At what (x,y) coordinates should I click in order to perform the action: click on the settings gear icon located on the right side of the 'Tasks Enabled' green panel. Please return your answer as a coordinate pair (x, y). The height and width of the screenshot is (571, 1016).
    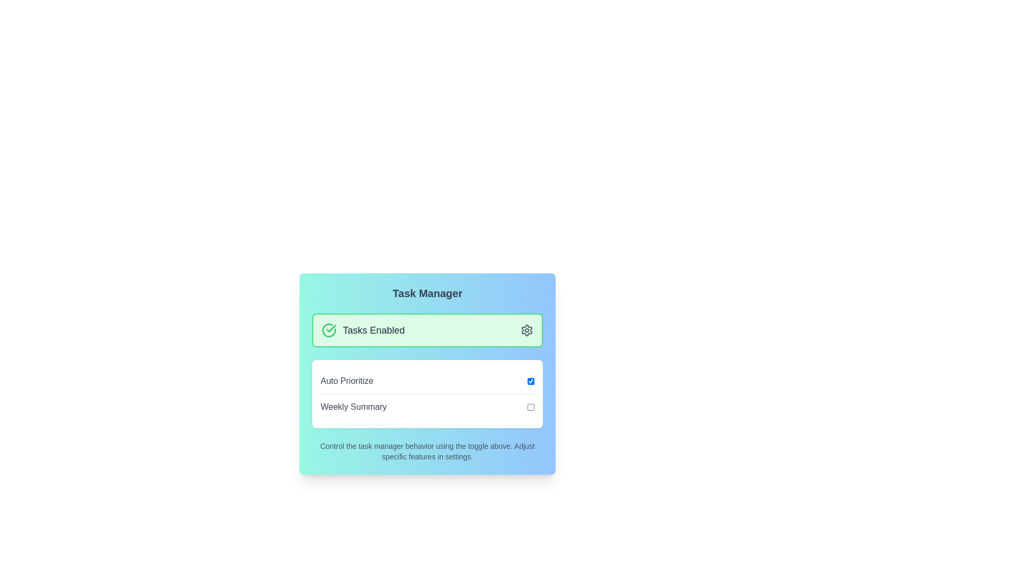
    Looking at the image, I should click on (527, 329).